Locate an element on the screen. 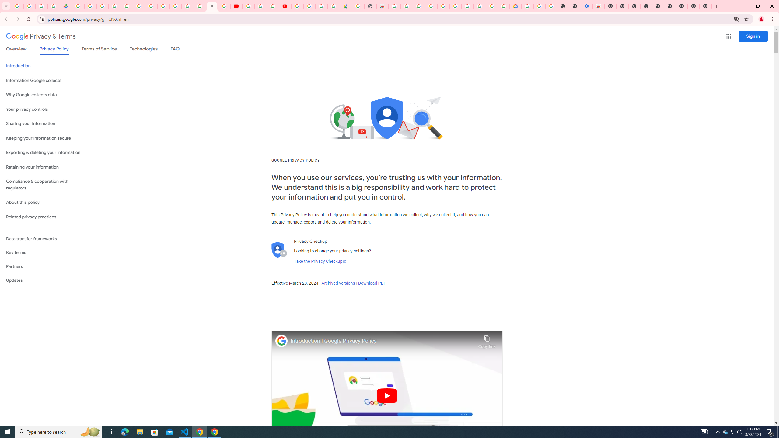 The width and height of the screenshot is (779, 438). 'About this policy' is located at coordinates (46, 203).